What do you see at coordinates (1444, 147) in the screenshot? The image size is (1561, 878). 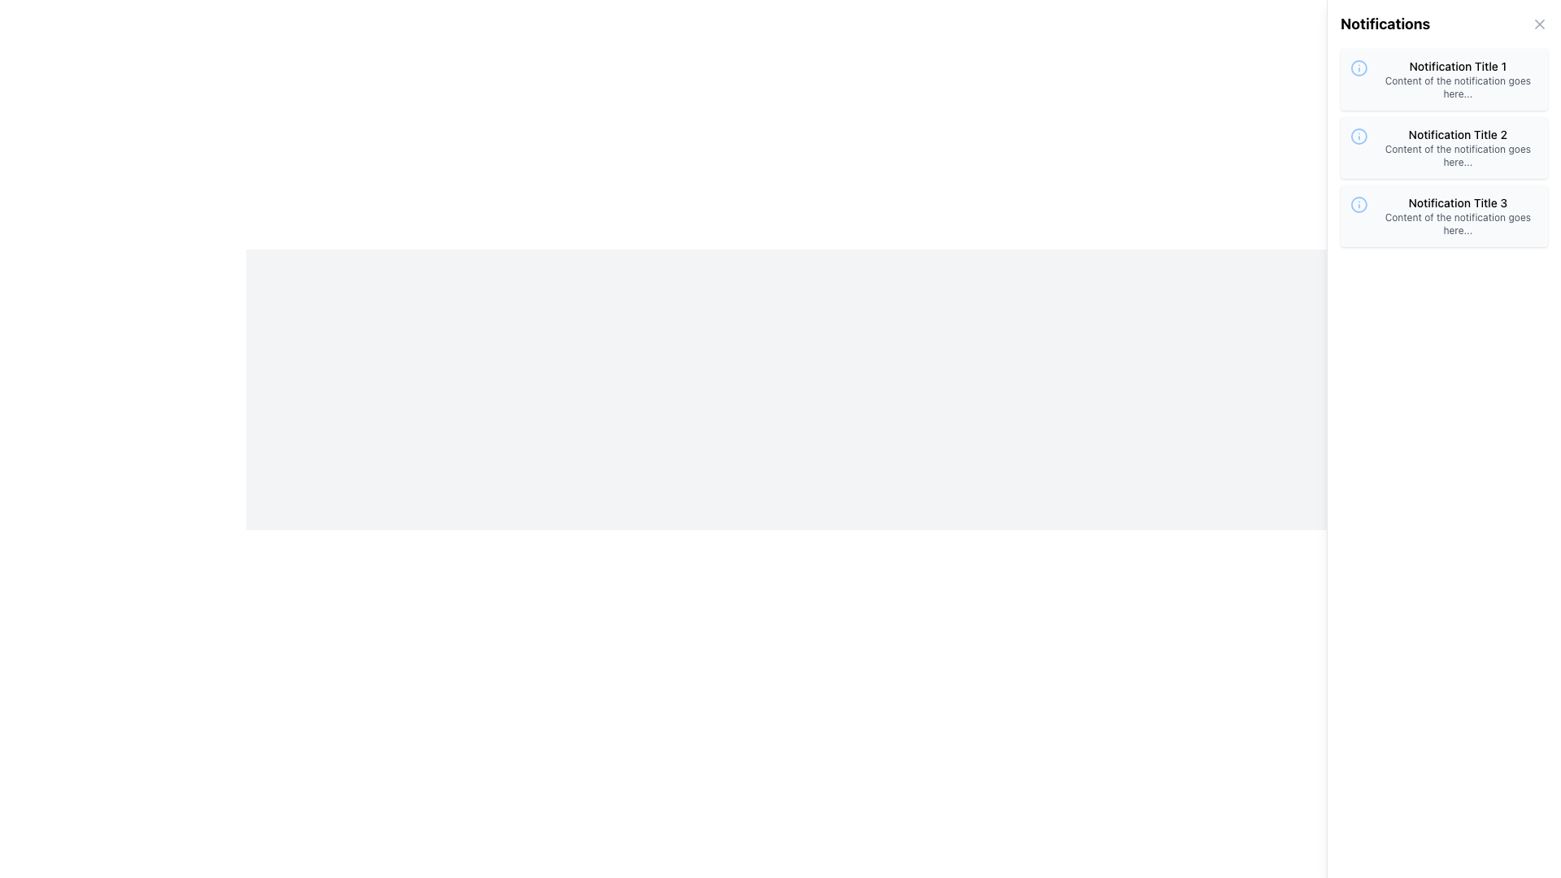 I see `the second notification card in the stack of three within the 'Notifications' sidebar` at bounding box center [1444, 147].